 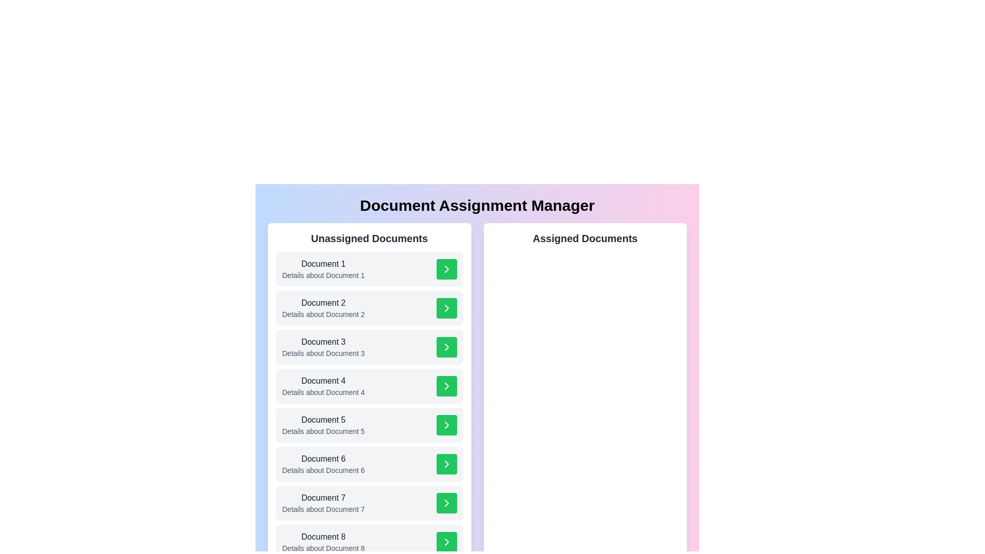 What do you see at coordinates (369, 268) in the screenshot?
I see `the first item in the 'Unassigned Documents' list, which includes basic details and a button for managing the document` at bounding box center [369, 268].